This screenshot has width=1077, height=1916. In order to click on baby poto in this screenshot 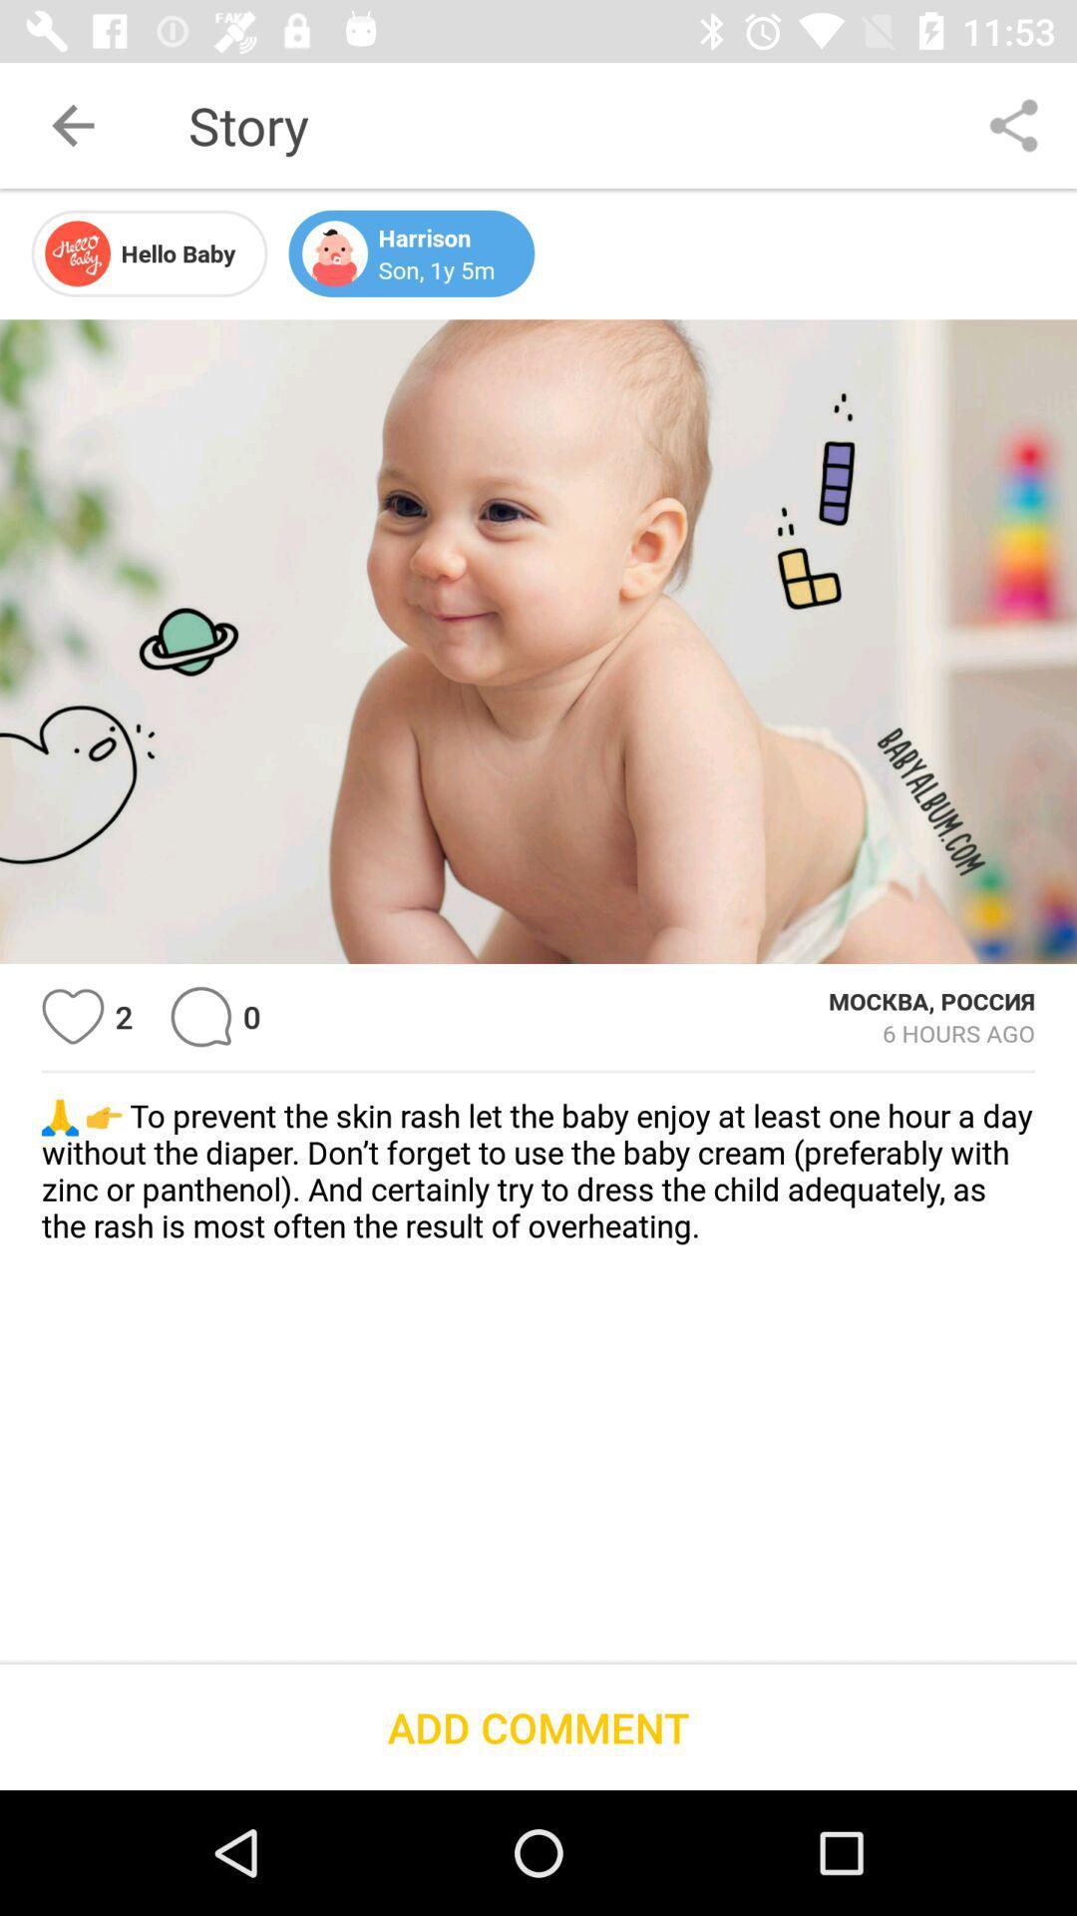, I will do `click(538, 642)`.